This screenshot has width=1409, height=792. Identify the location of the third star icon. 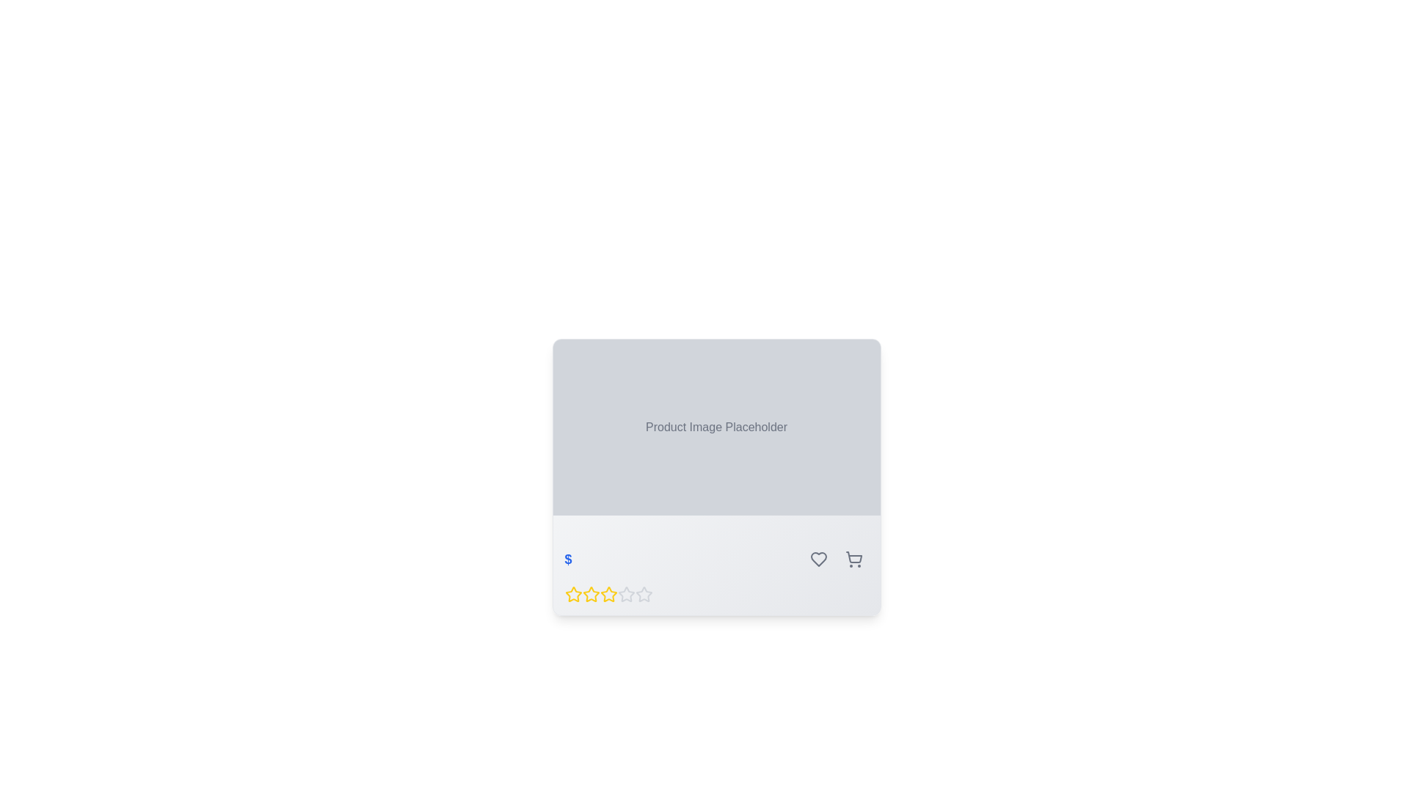
(608, 594).